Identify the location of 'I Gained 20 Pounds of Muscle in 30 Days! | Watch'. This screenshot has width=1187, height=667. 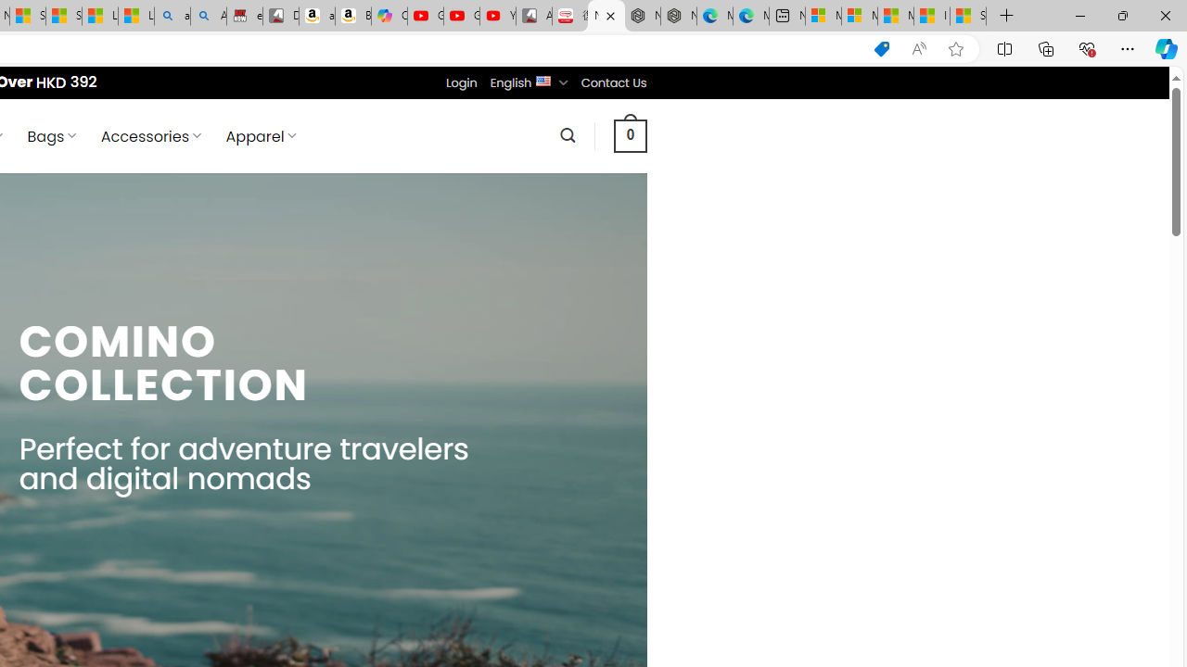
(931, 16).